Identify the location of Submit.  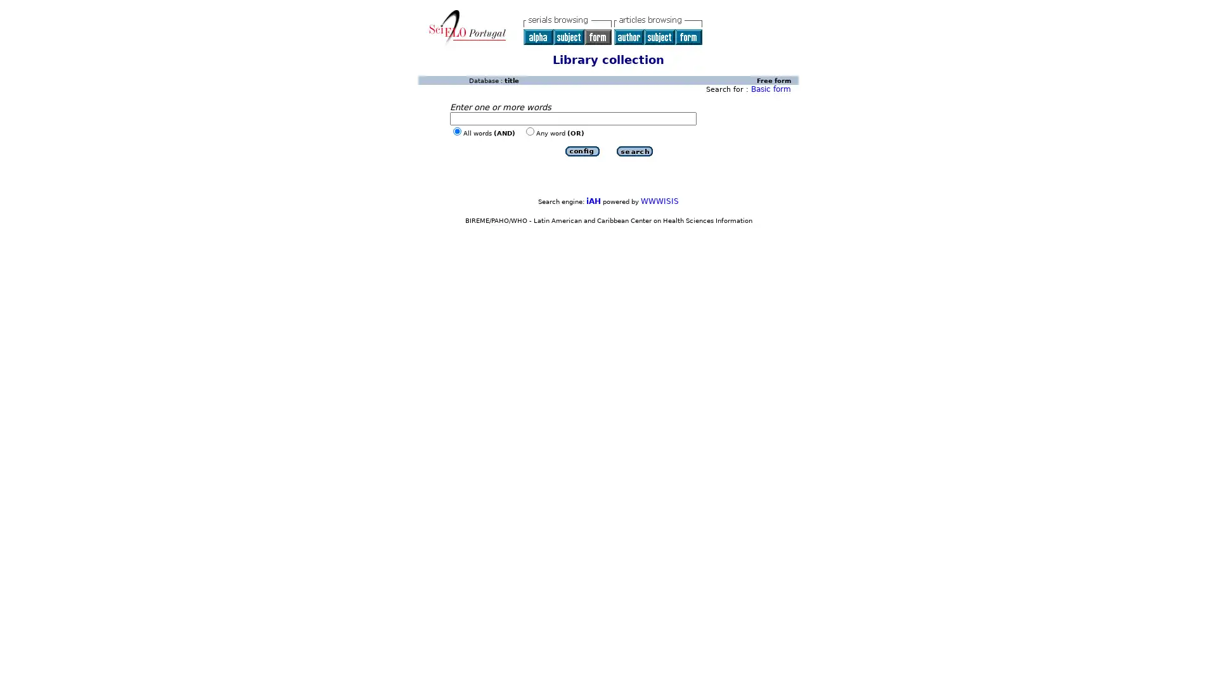
(634, 150).